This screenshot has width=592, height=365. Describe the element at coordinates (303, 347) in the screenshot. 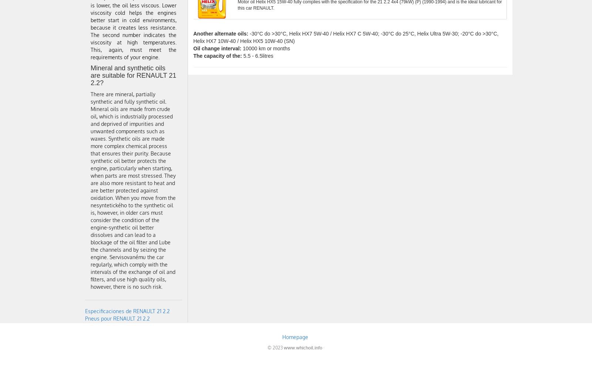

I see `'www.whichoil.info'` at that location.